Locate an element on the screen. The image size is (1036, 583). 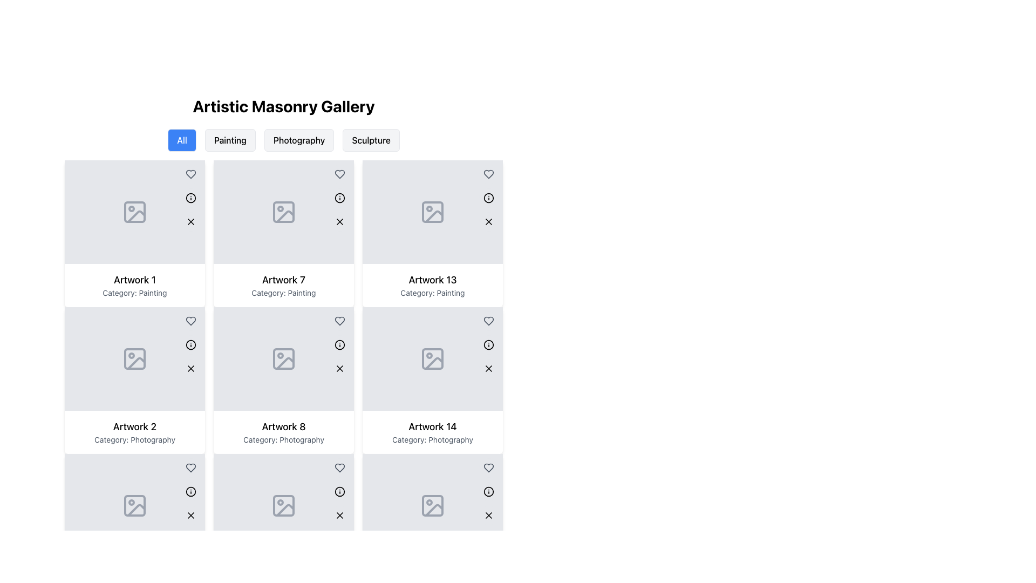
the 'X' icon button located at the bottom right corner of the first card in the grid layout is located at coordinates (191, 221).